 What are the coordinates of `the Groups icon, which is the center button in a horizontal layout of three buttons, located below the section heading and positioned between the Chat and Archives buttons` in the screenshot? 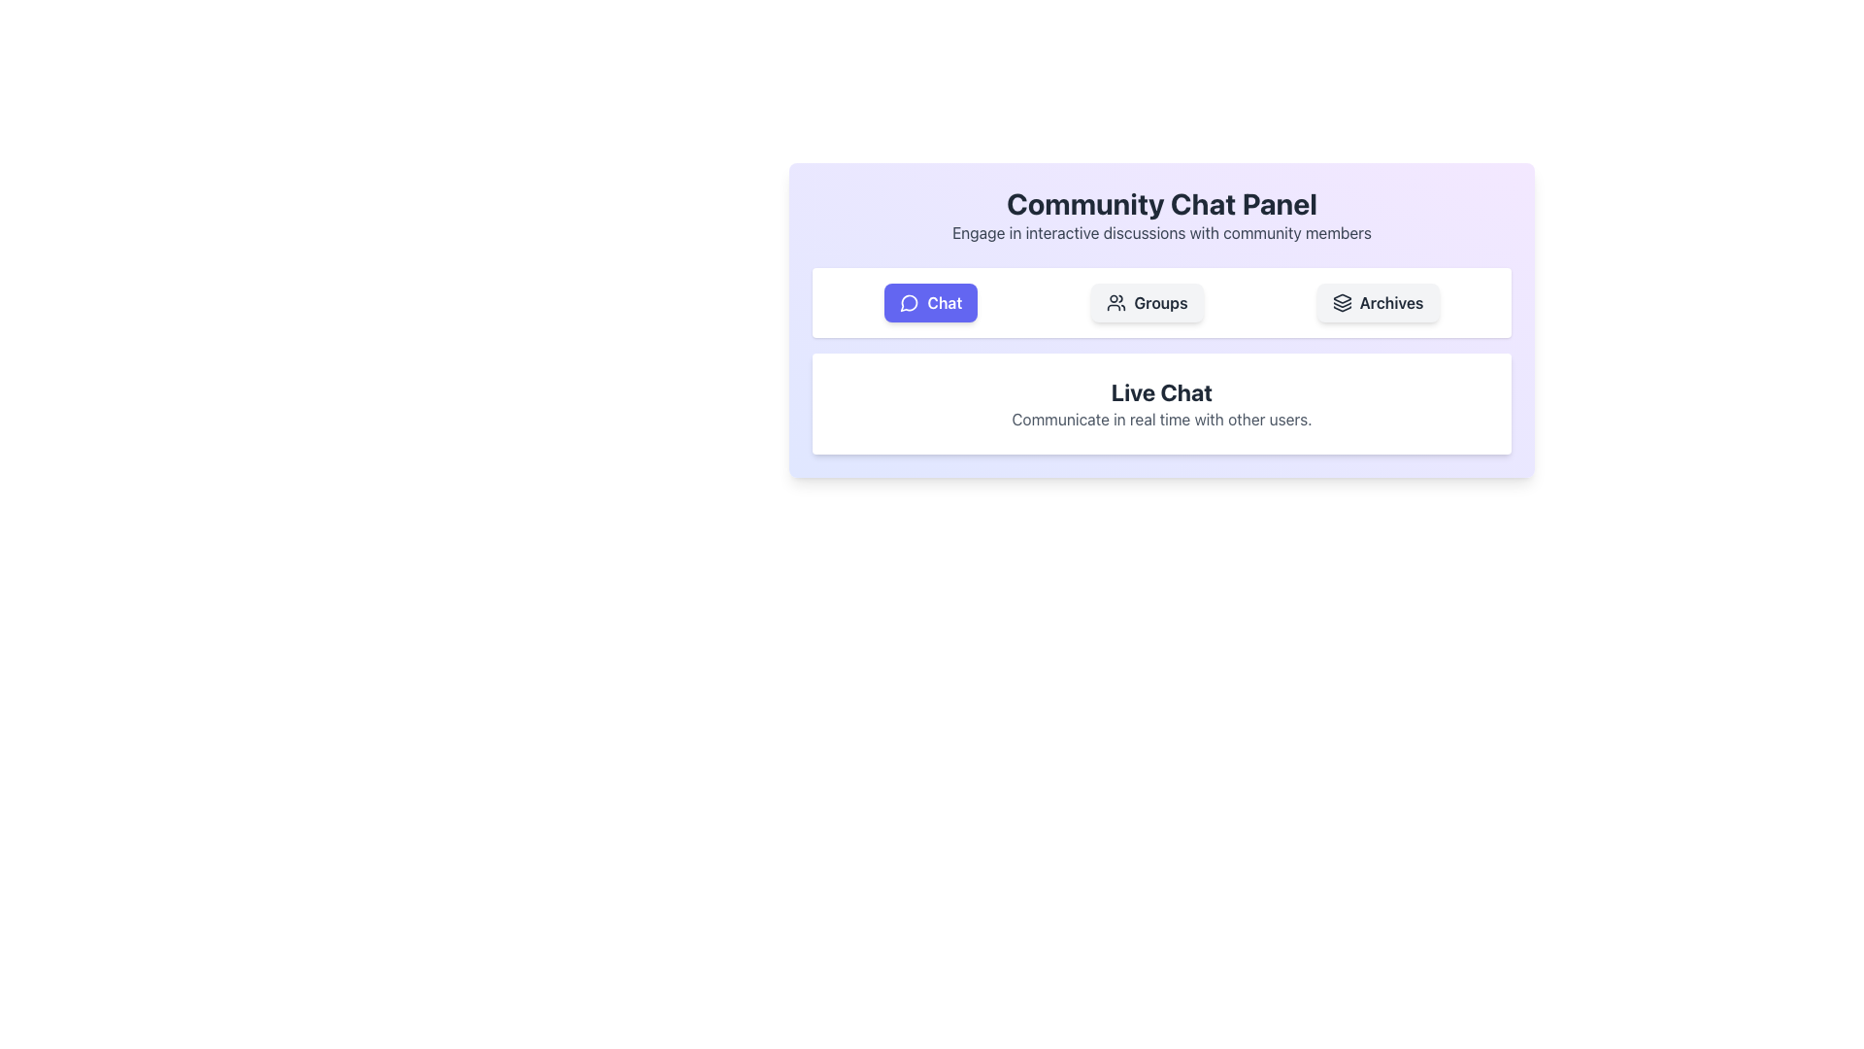 It's located at (1116, 303).